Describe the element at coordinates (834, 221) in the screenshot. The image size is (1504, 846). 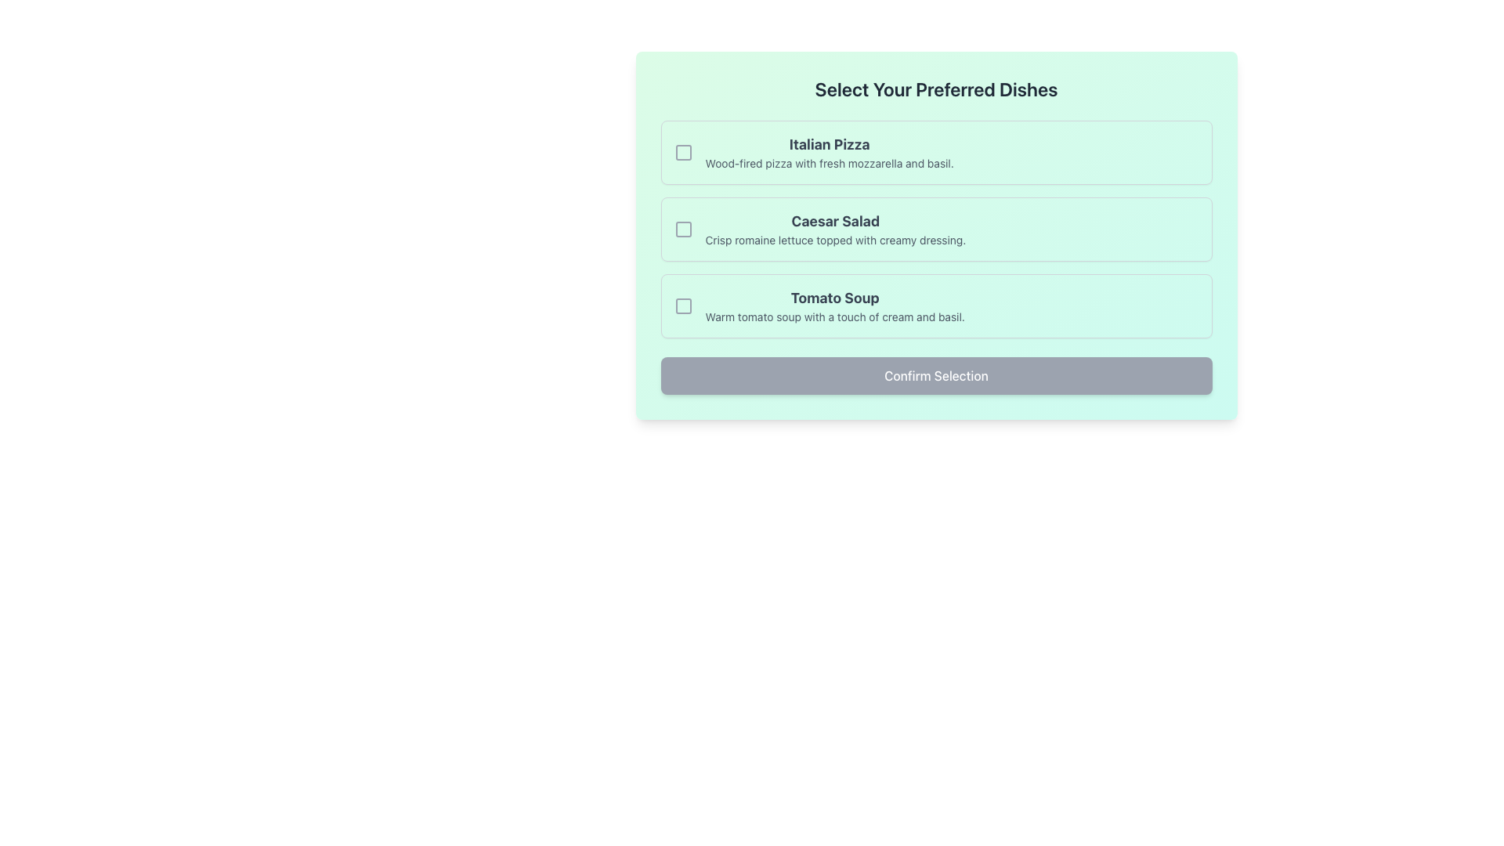
I see `the 'Caesar Salad' text label in the menu list, which serves as the title for the dish and is positioned between 'Italian Pizza' and 'Tomato Soup'` at that location.